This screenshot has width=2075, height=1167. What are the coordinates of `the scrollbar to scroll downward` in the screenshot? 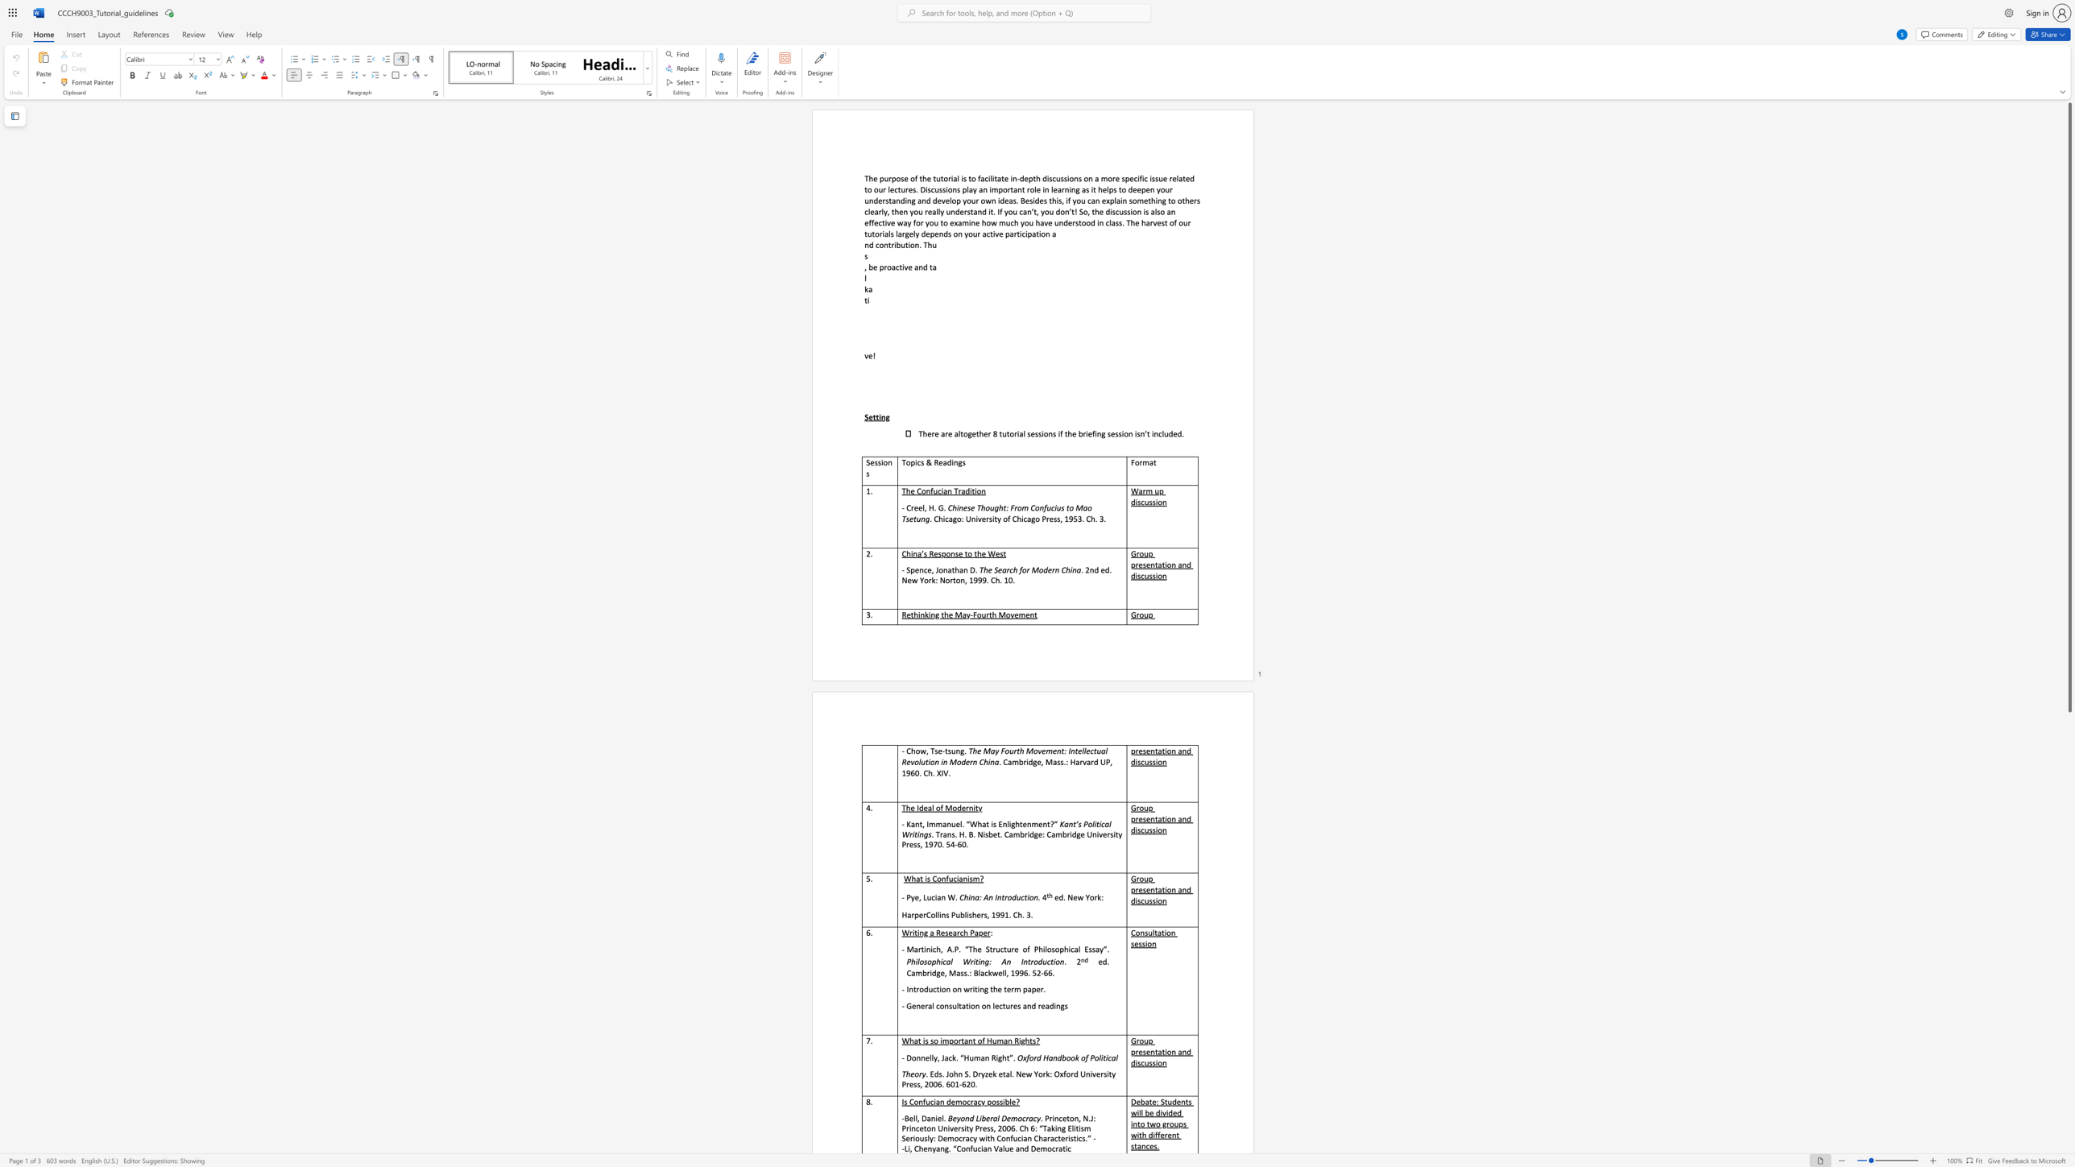 It's located at (2069, 788).